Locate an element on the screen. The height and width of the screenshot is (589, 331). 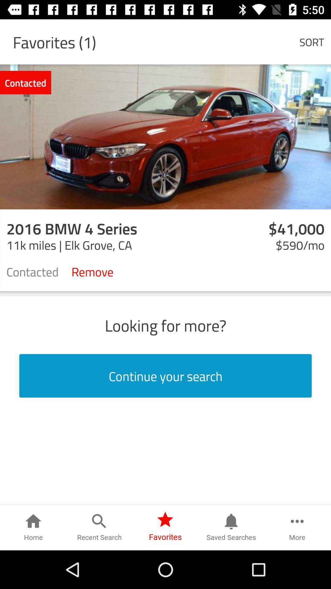
the remove is located at coordinates (92, 271).